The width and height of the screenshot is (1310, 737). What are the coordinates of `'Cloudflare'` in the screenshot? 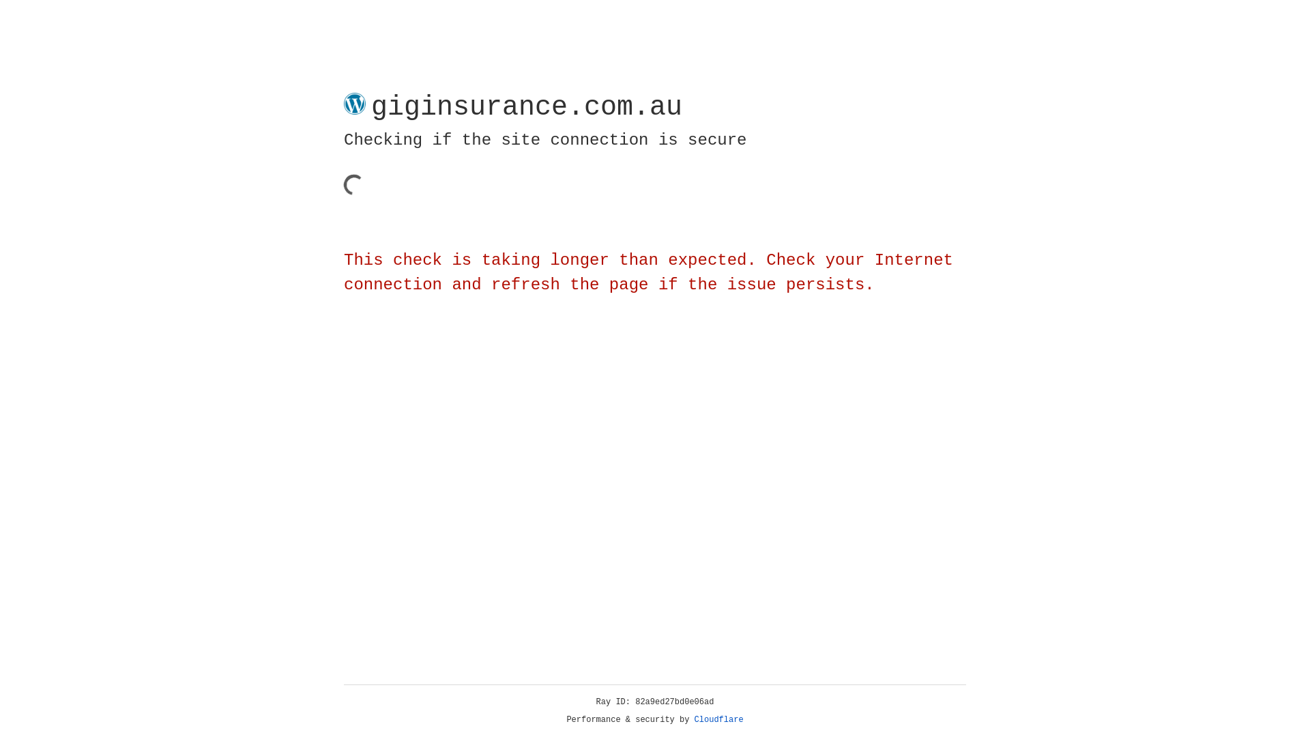 It's located at (718, 719).